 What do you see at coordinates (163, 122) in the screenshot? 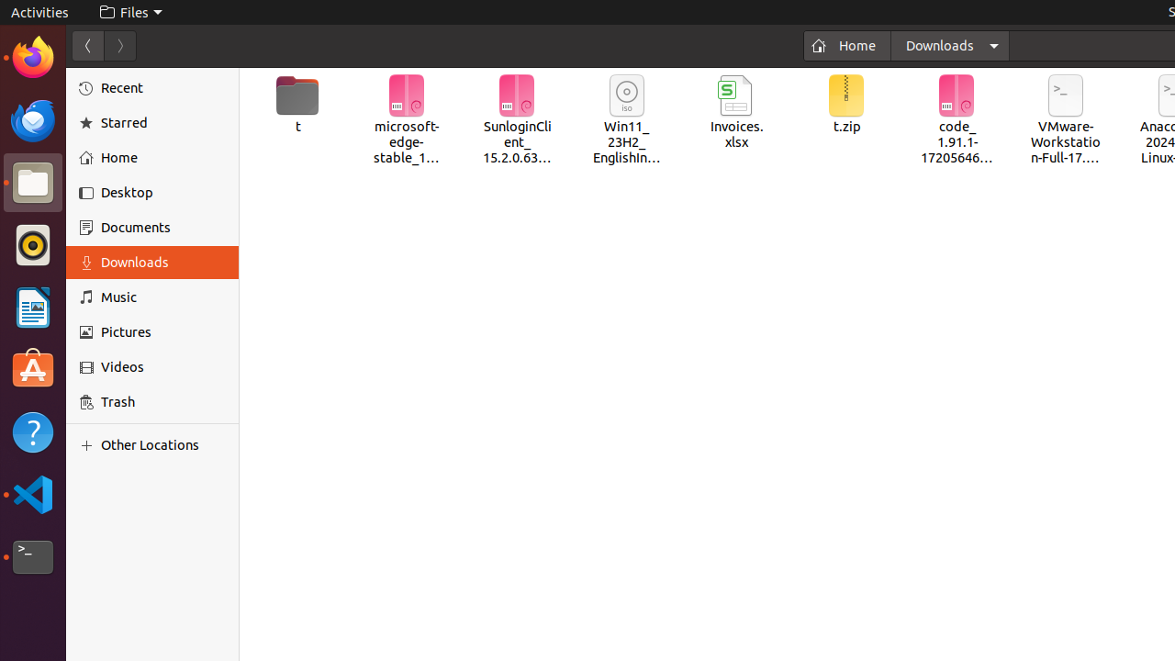
I see `'Starred'` at bounding box center [163, 122].